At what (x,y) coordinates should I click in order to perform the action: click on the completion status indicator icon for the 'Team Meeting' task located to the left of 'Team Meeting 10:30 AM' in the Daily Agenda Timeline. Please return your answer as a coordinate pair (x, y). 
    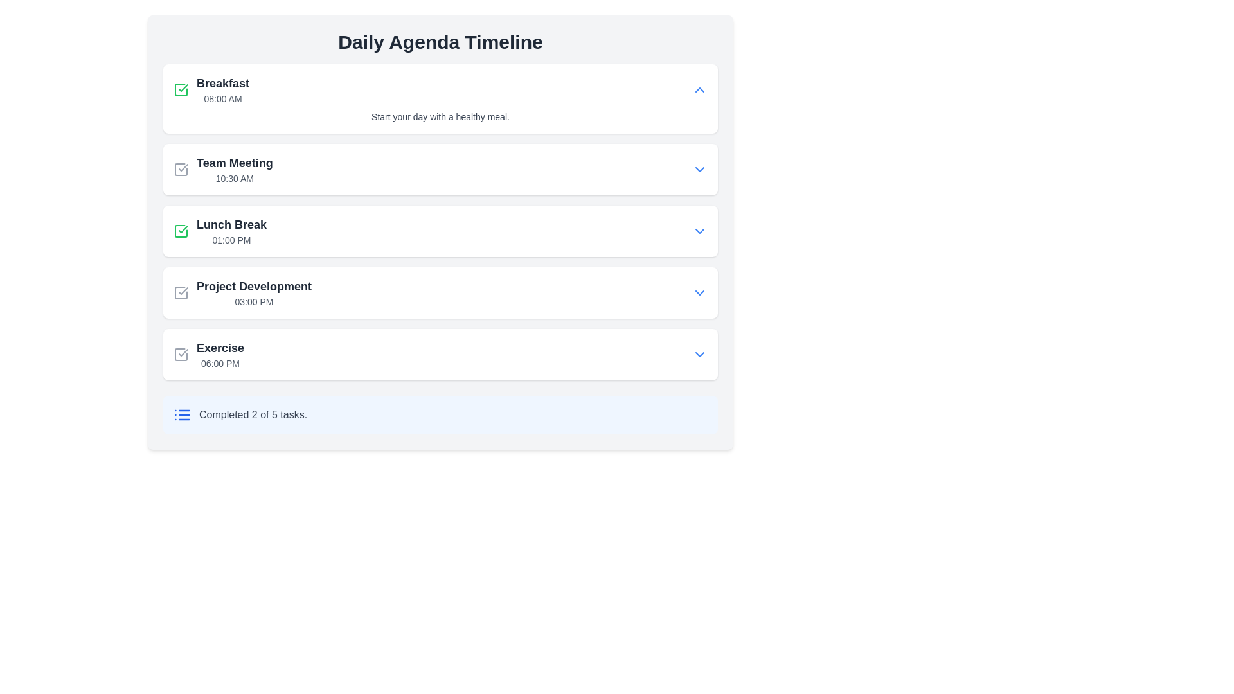
    Looking at the image, I should click on (181, 168).